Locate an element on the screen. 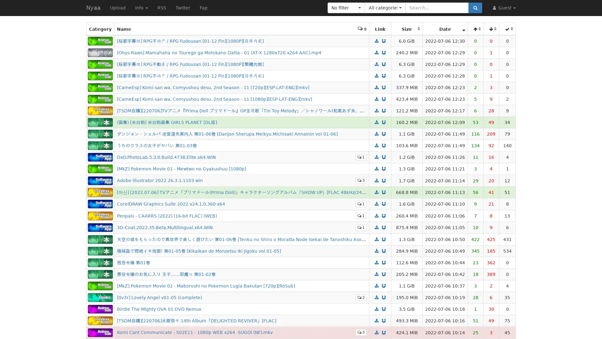 This screenshot has width=602, height=339. All categories is located at coordinates (385, 8).